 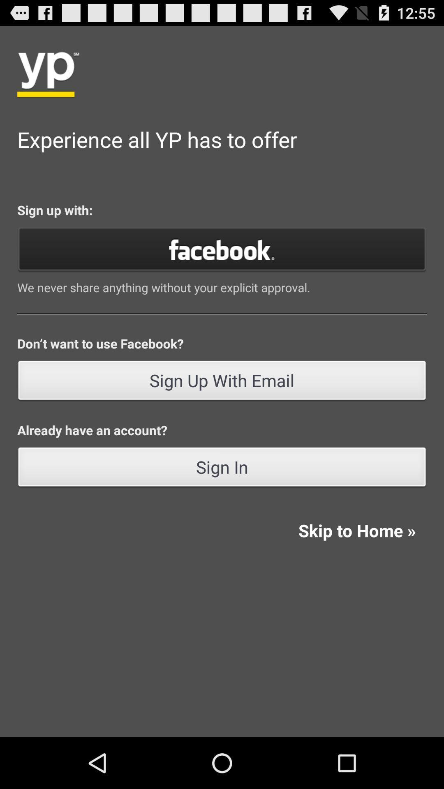 What do you see at coordinates (222, 248) in the screenshot?
I see `click on facebook button` at bounding box center [222, 248].